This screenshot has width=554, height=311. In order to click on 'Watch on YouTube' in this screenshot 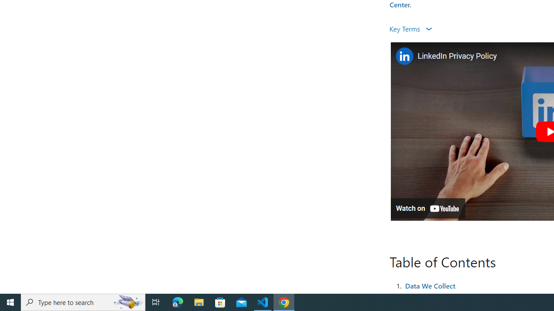, I will do `click(428, 208)`.